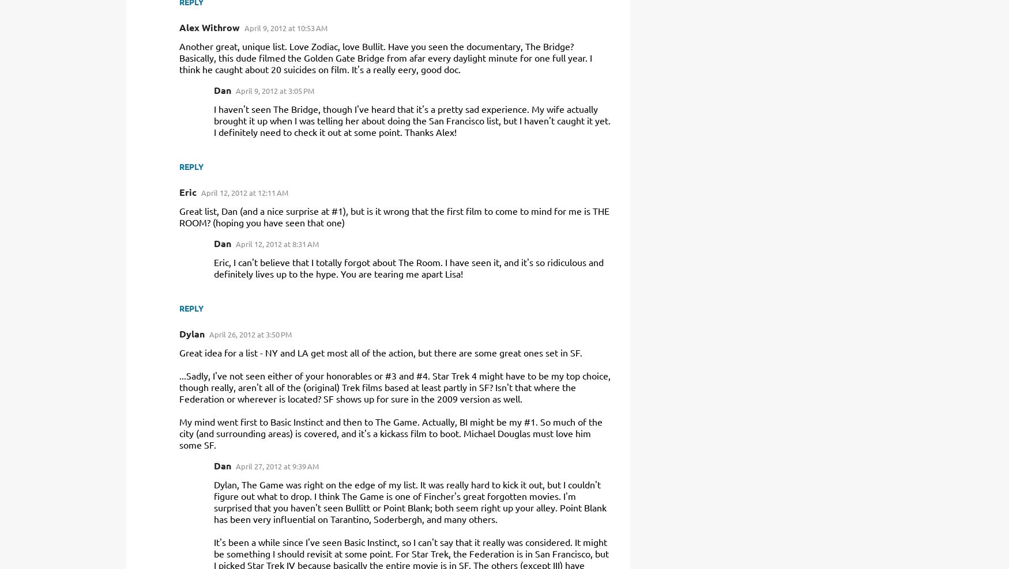 The height and width of the screenshot is (569, 1009). I want to click on 'April 27, 2012 at 9:39 AM', so click(277, 466).